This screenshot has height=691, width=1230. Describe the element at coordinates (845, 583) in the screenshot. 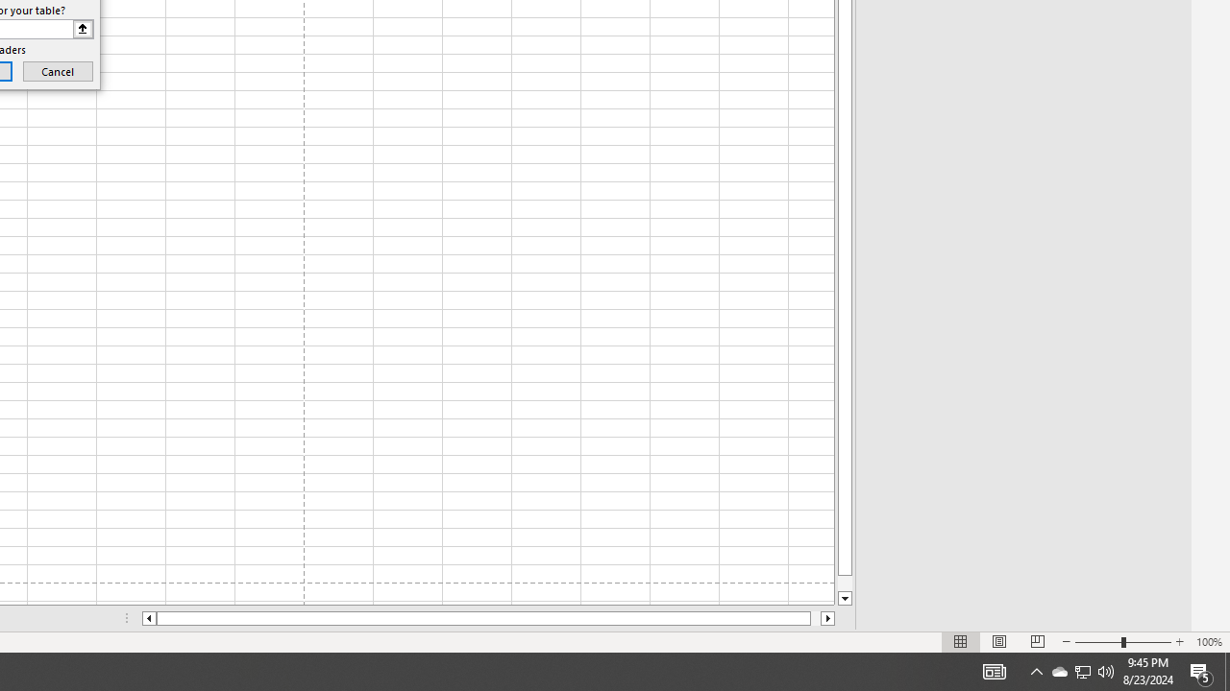

I see `'Page down'` at that location.